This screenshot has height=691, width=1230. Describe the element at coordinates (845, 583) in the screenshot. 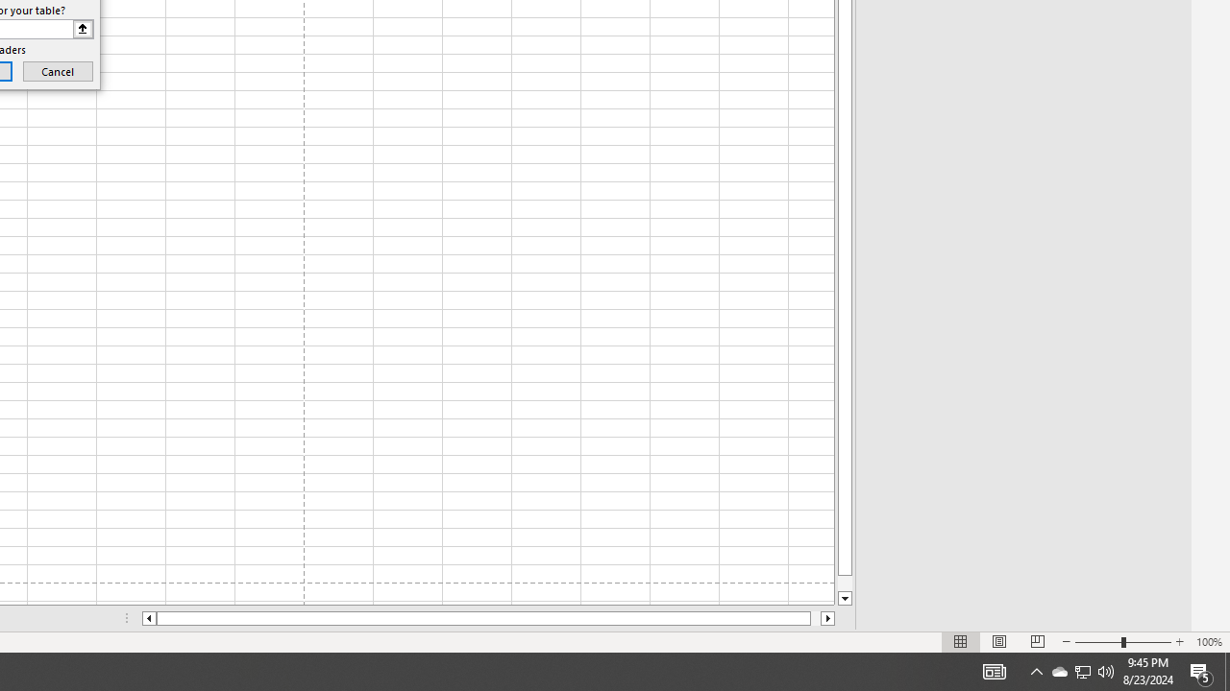

I see `'Page down'` at that location.